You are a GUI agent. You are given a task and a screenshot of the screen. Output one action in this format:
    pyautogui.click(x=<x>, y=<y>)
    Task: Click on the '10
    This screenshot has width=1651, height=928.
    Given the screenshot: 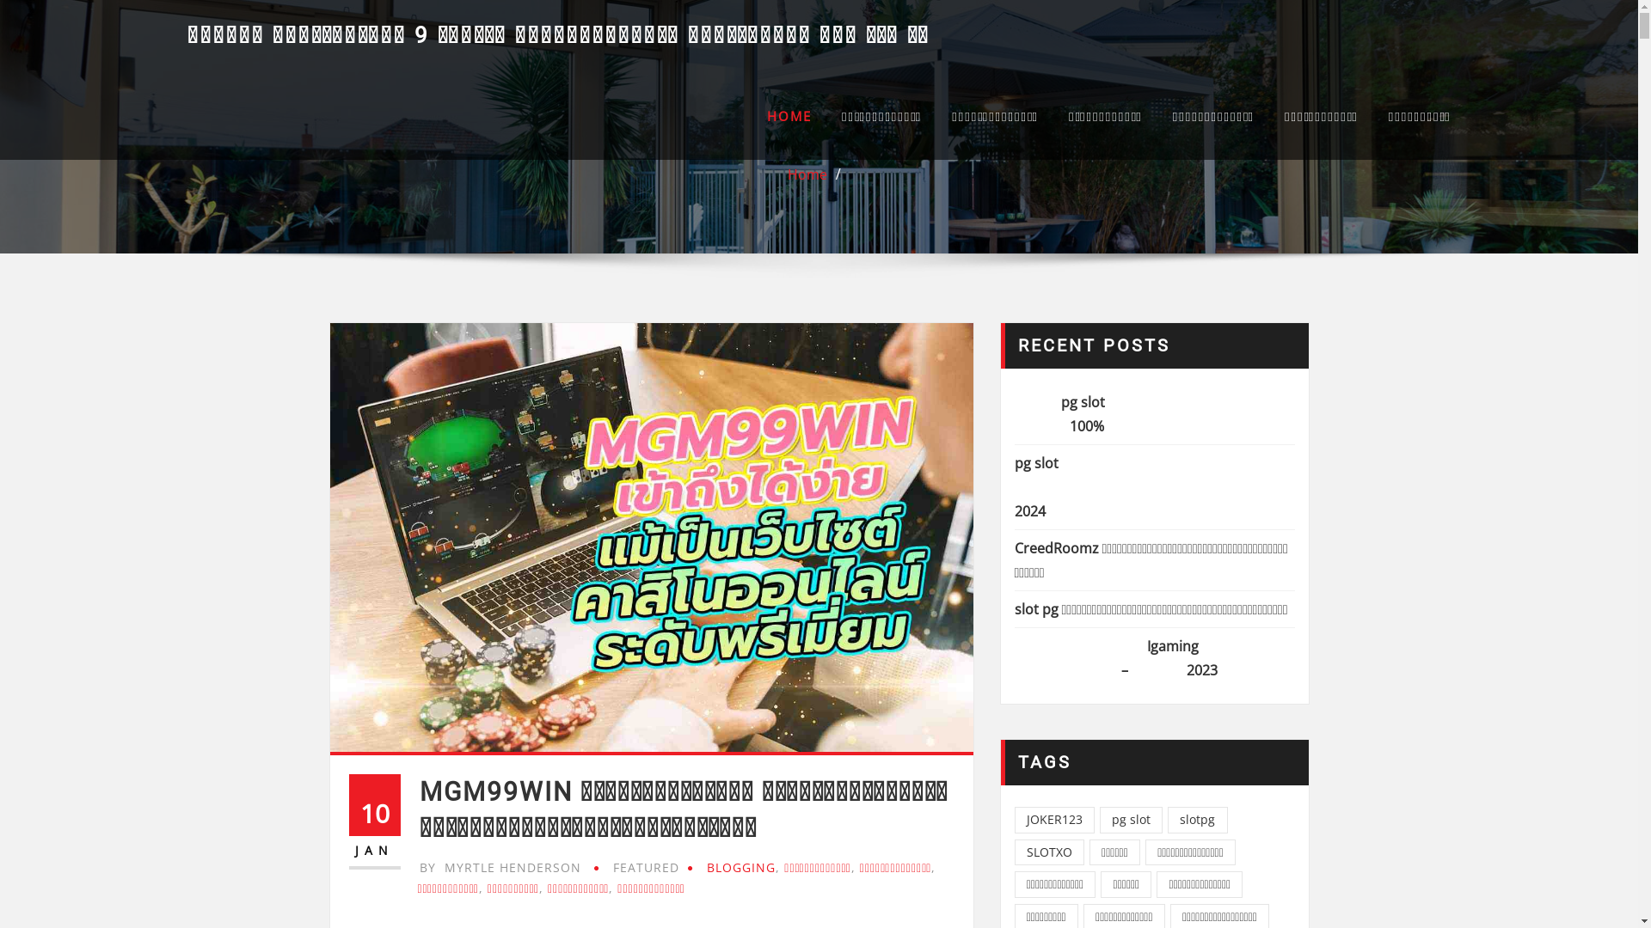 What is the action you would take?
    pyautogui.click(x=348, y=821)
    